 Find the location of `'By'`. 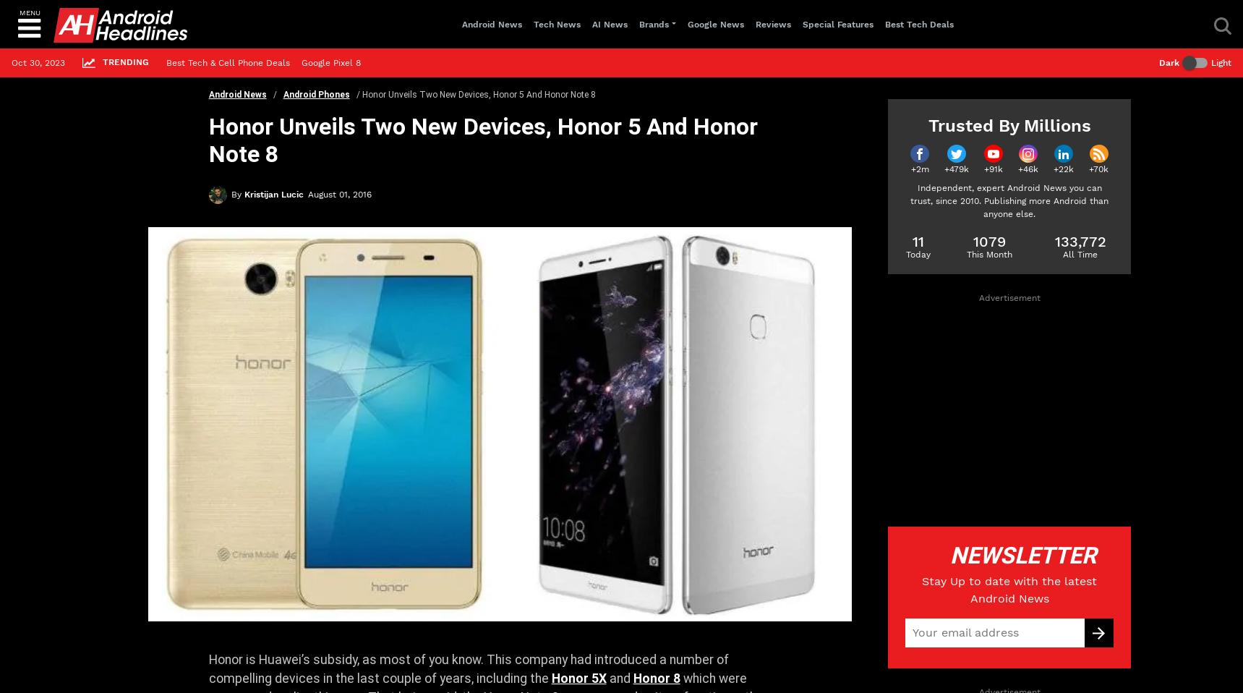

'By' is located at coordinates (230, 195).